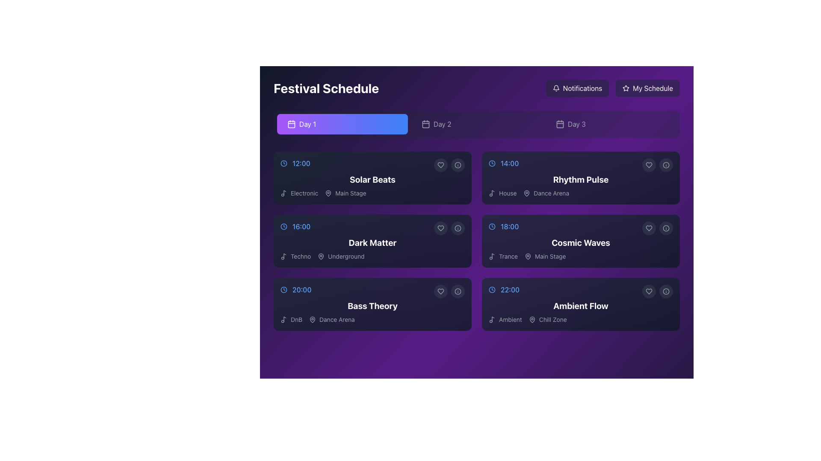 This screenshot has width=821, height=461. What do you see at coordinates (553, 319) in the screenshot?
I see `text label displaying 'Chill Zone' located at the bottom-right of the interface, which contrasts against a dark background` at bounding box center [553, 319].